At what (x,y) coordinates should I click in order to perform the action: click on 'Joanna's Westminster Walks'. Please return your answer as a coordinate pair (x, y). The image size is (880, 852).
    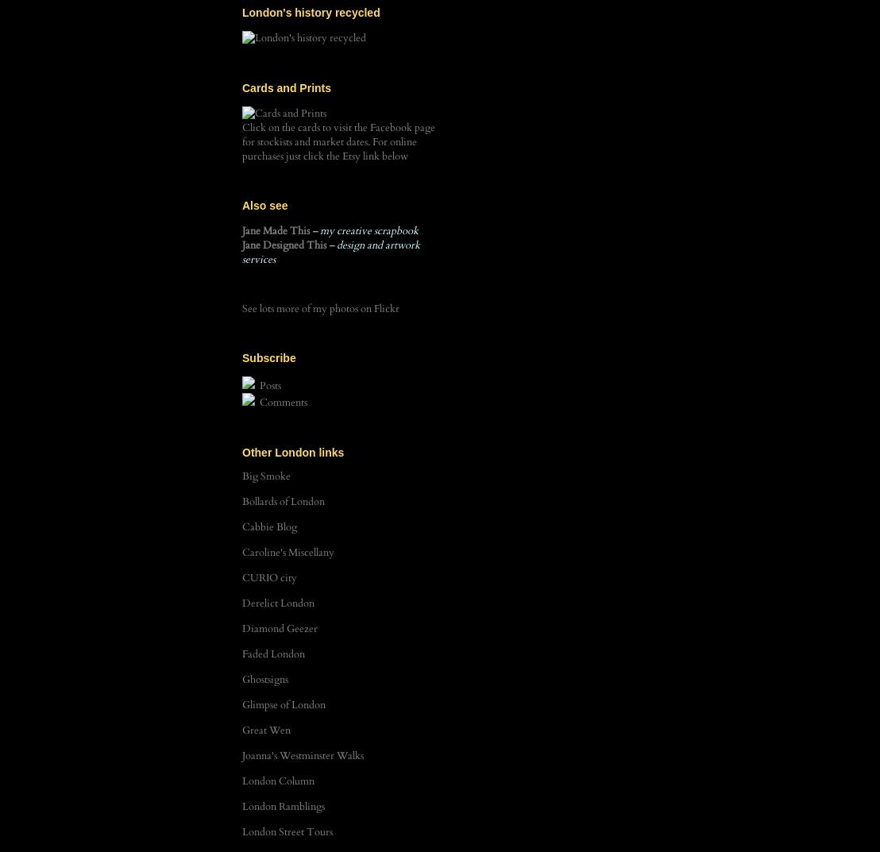
    Looking at the image, I should click on (303, 755).